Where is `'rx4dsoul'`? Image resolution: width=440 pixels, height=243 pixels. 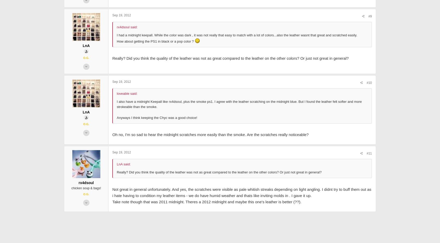 'rx4dsoul' is located at coordinates (78, 232).